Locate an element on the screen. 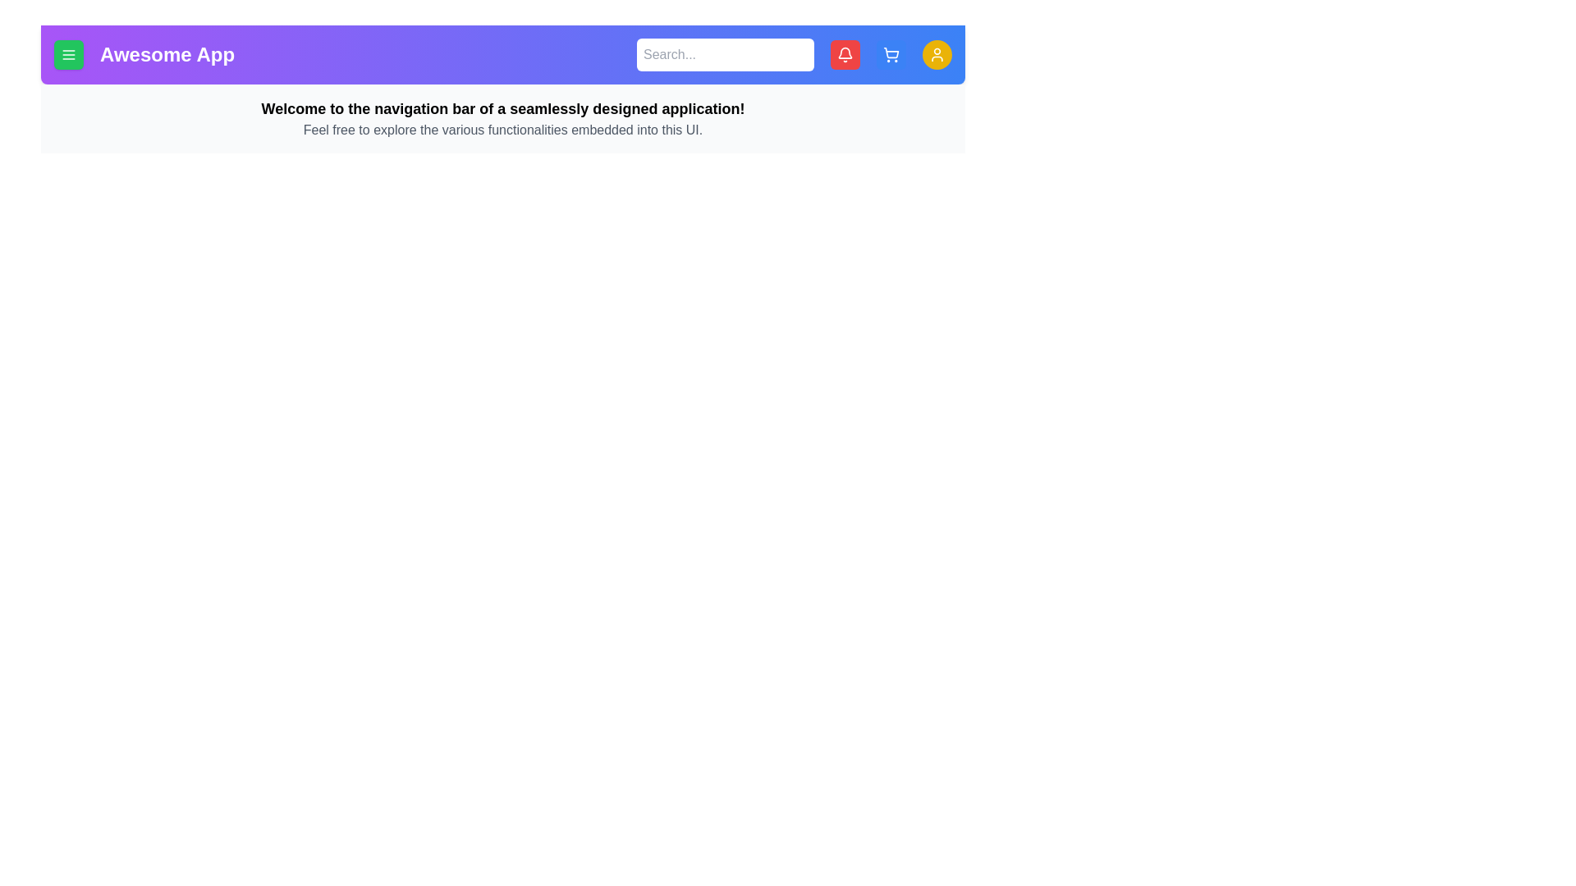 This screenshot has height=886, width=1576. the bell icon button to view notifications is located at coordinates (845, 53).